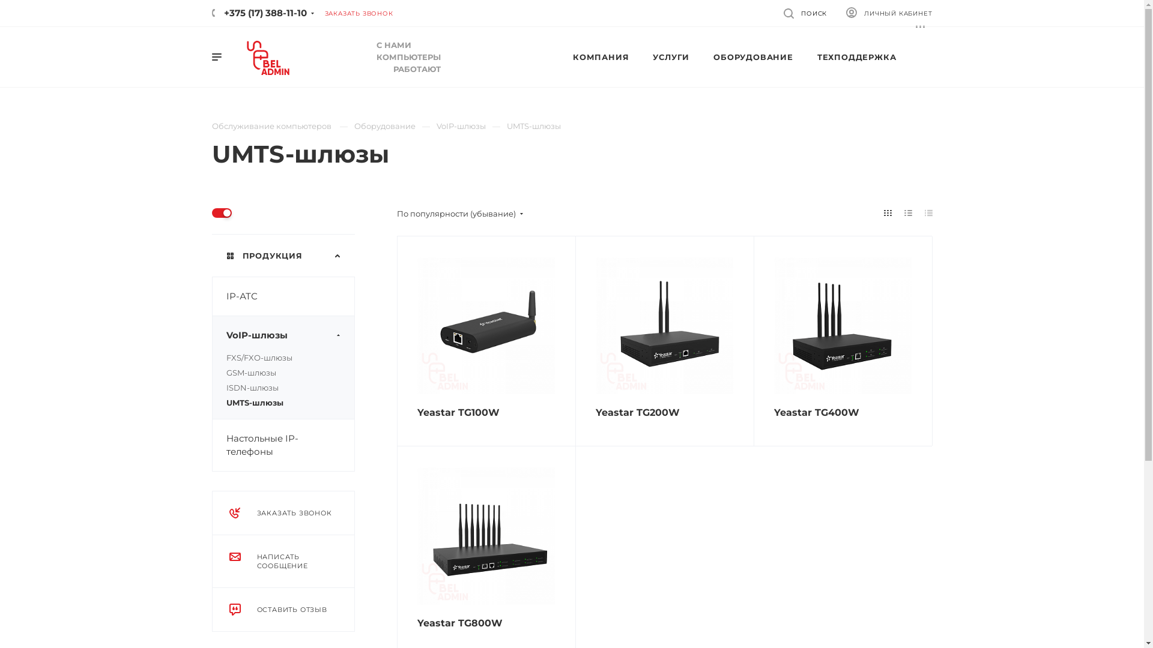 Image resolution: width=1153 pixels, height=648 pixels. Describe the element at coordinates (664, 325) in the screenshot. I see `'Yeastar TG200W'` at that location.